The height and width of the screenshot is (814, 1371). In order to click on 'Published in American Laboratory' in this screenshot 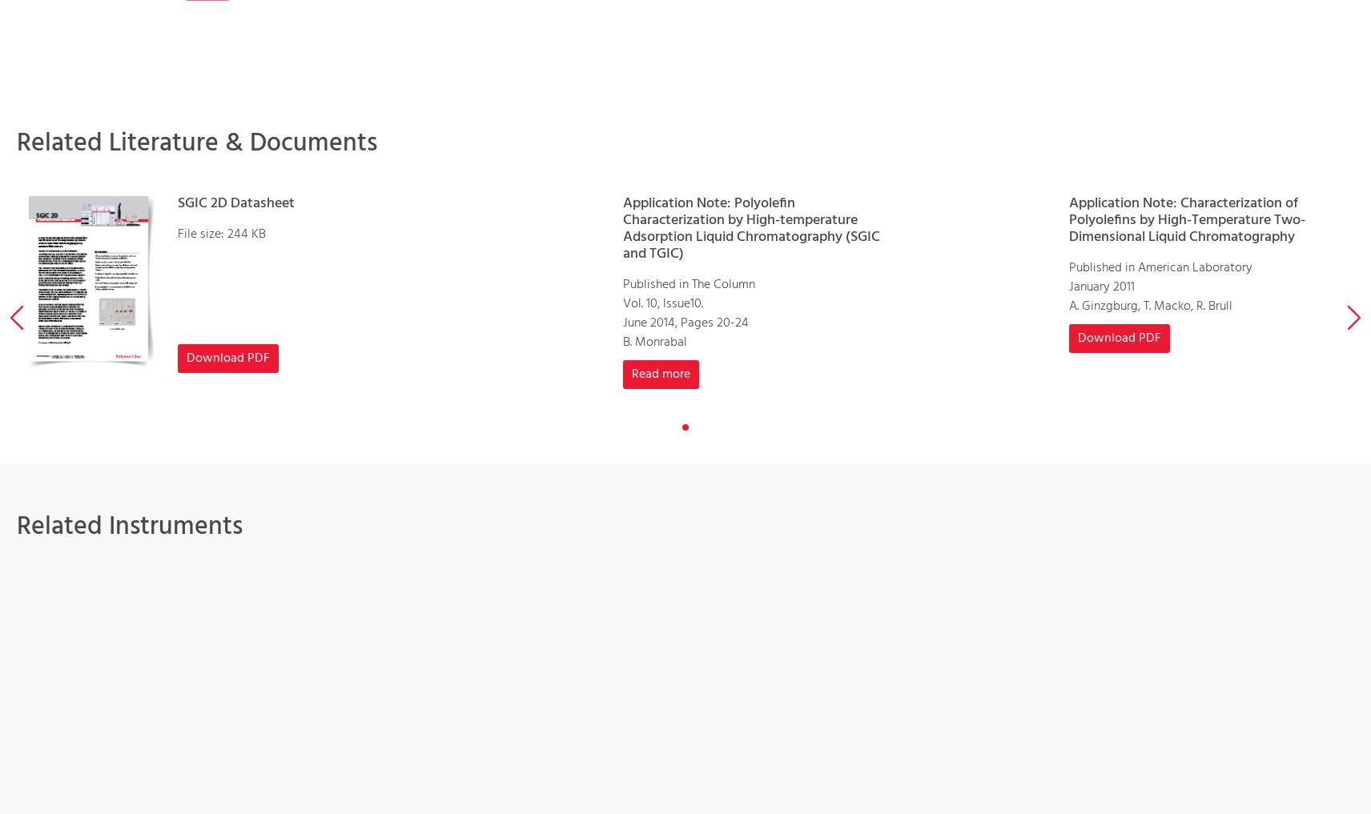, I will do `click(1159, 267)`.